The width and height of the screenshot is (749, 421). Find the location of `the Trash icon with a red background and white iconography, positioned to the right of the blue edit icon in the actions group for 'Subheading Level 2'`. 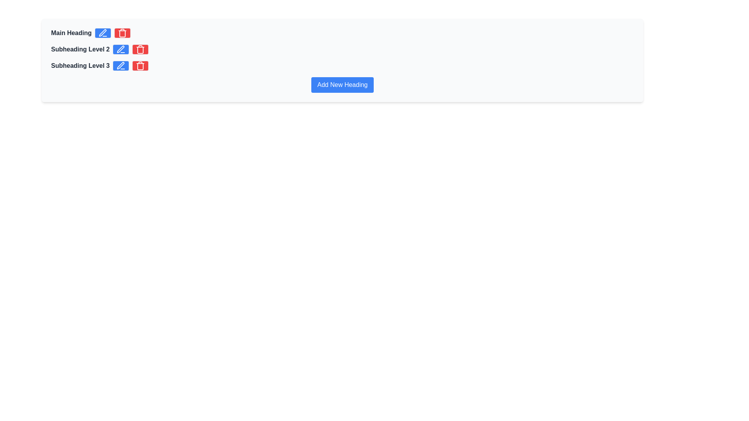

the Trash icon with a red background and white iconography, positioned to the right of the blue edit icon in the actions group for 'Subheading Level 2' is located at coordinates (140, 65).